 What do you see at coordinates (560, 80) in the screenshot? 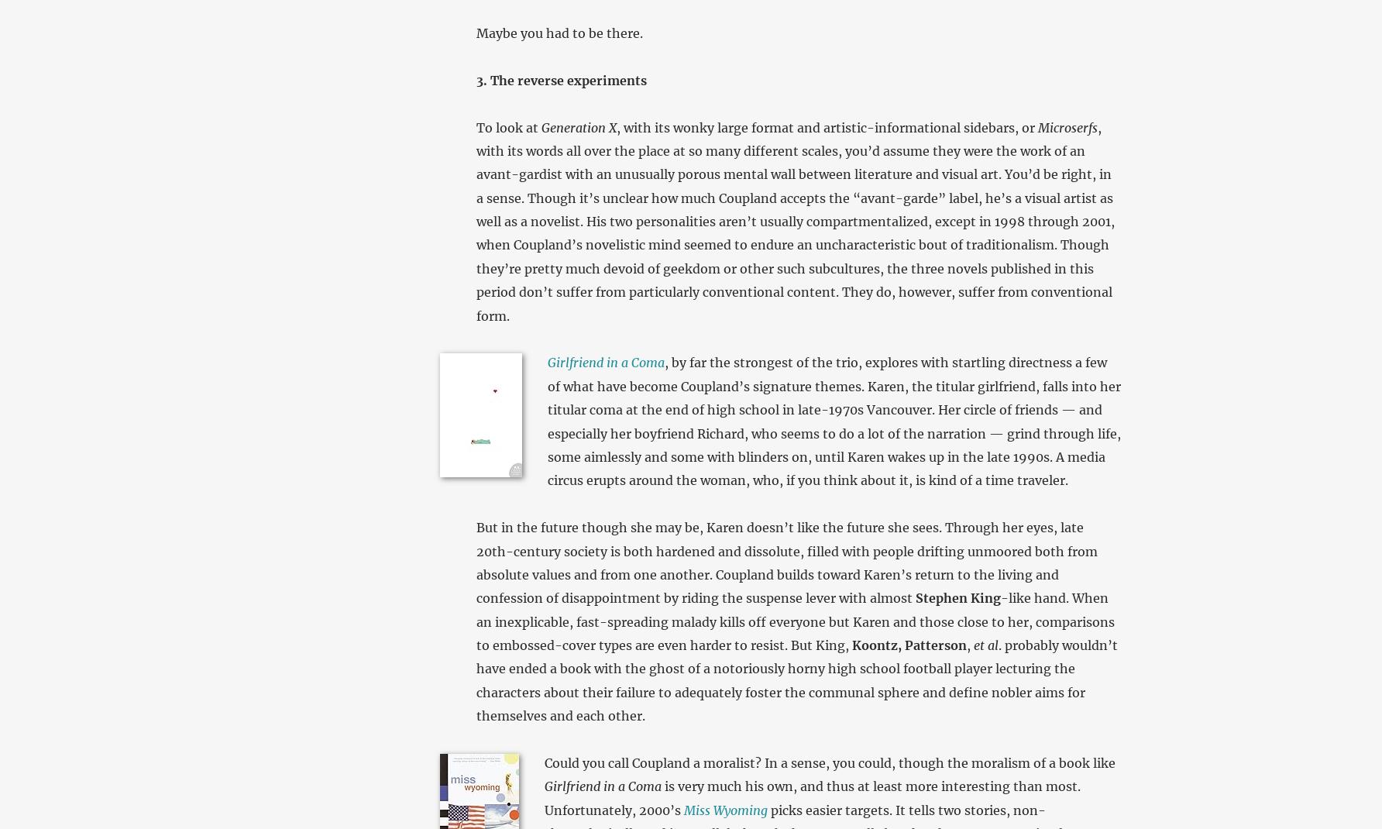
I see `'3. The reverse experiments'` at bounding box center [560, 80].